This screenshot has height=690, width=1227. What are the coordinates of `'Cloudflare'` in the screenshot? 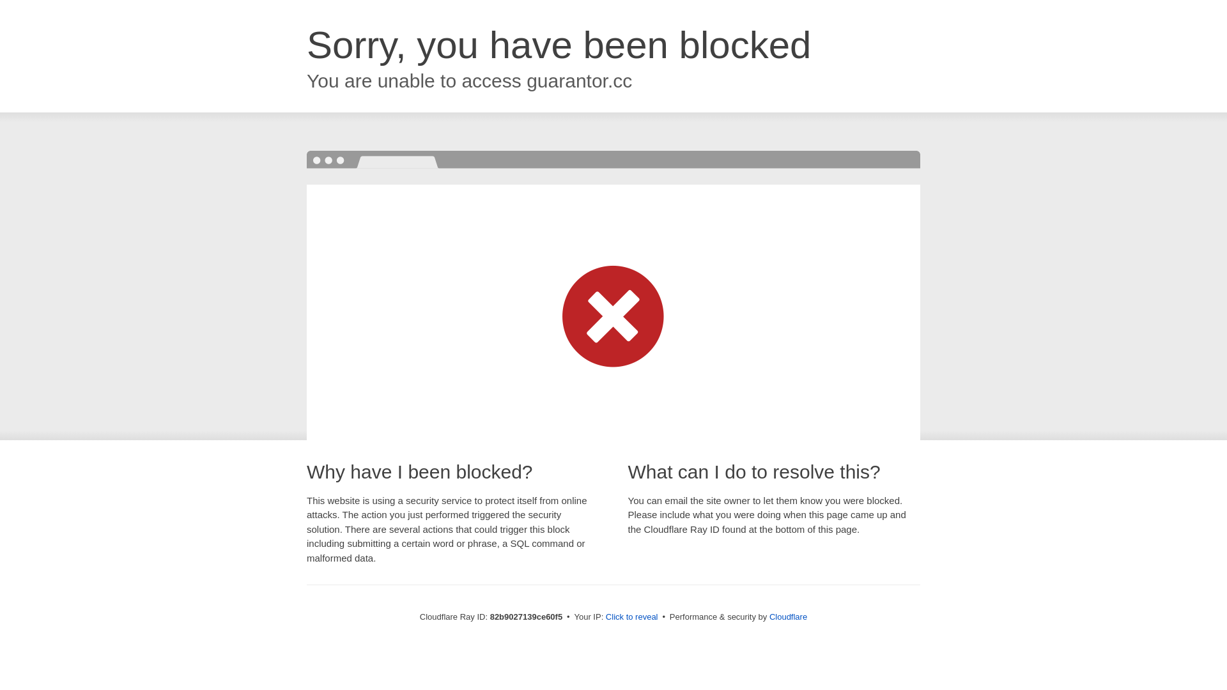 It's located at (787, 616).